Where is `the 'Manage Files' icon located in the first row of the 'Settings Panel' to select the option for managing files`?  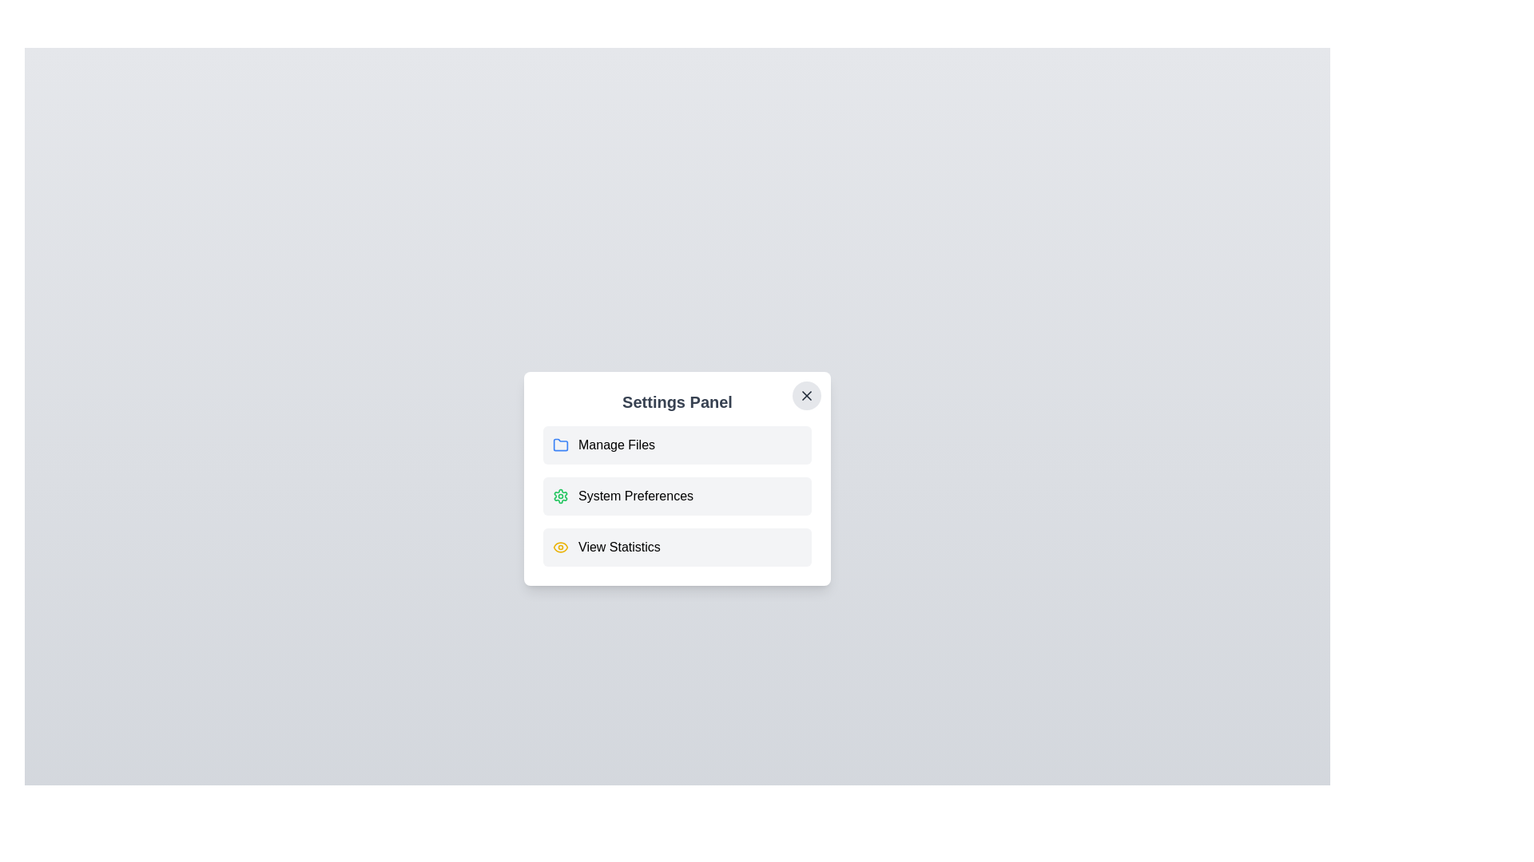
the 'Manage Files' icon located in the first row of the 'Settings Panel' to select the option for managing files is located at coordinates (560, 445).